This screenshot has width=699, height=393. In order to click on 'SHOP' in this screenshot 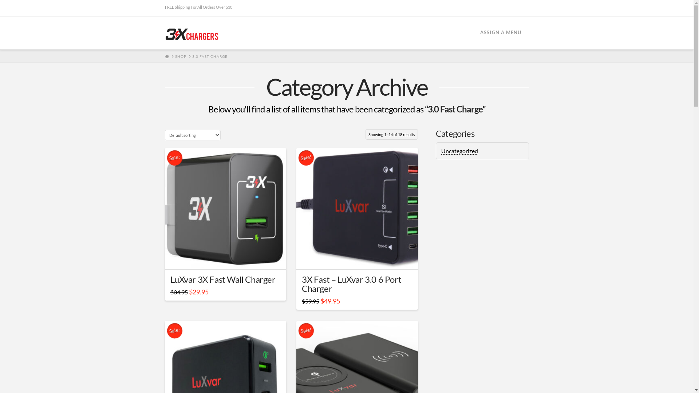, I will do `click(175, 56)`.